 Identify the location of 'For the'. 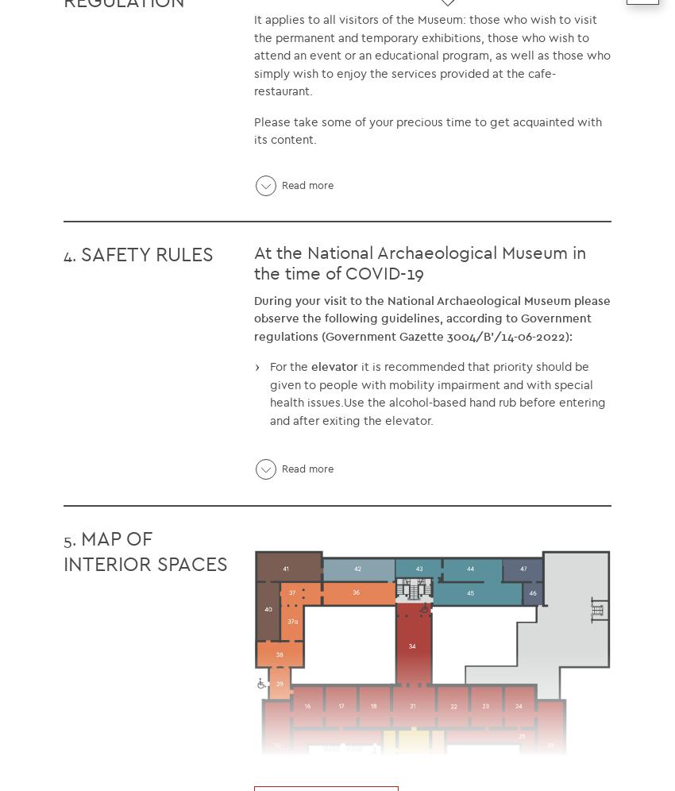
(270, 365).